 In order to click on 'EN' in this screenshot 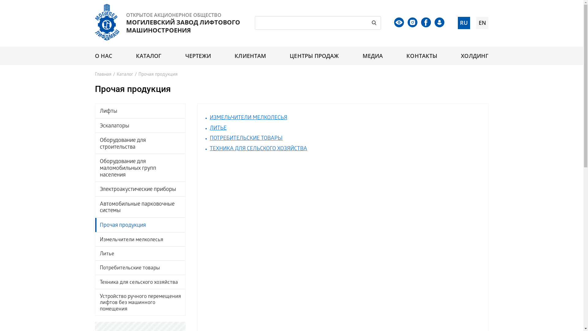, I will do `click(482, 22)`.